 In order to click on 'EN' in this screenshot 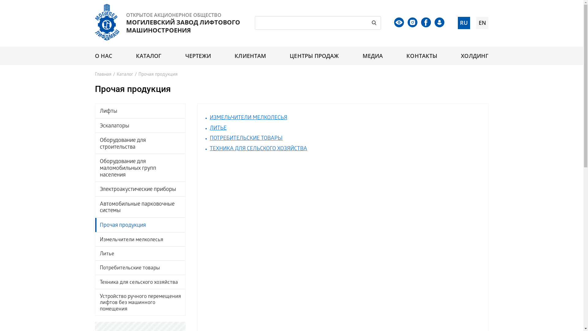, I will do `click(482, 22)`.